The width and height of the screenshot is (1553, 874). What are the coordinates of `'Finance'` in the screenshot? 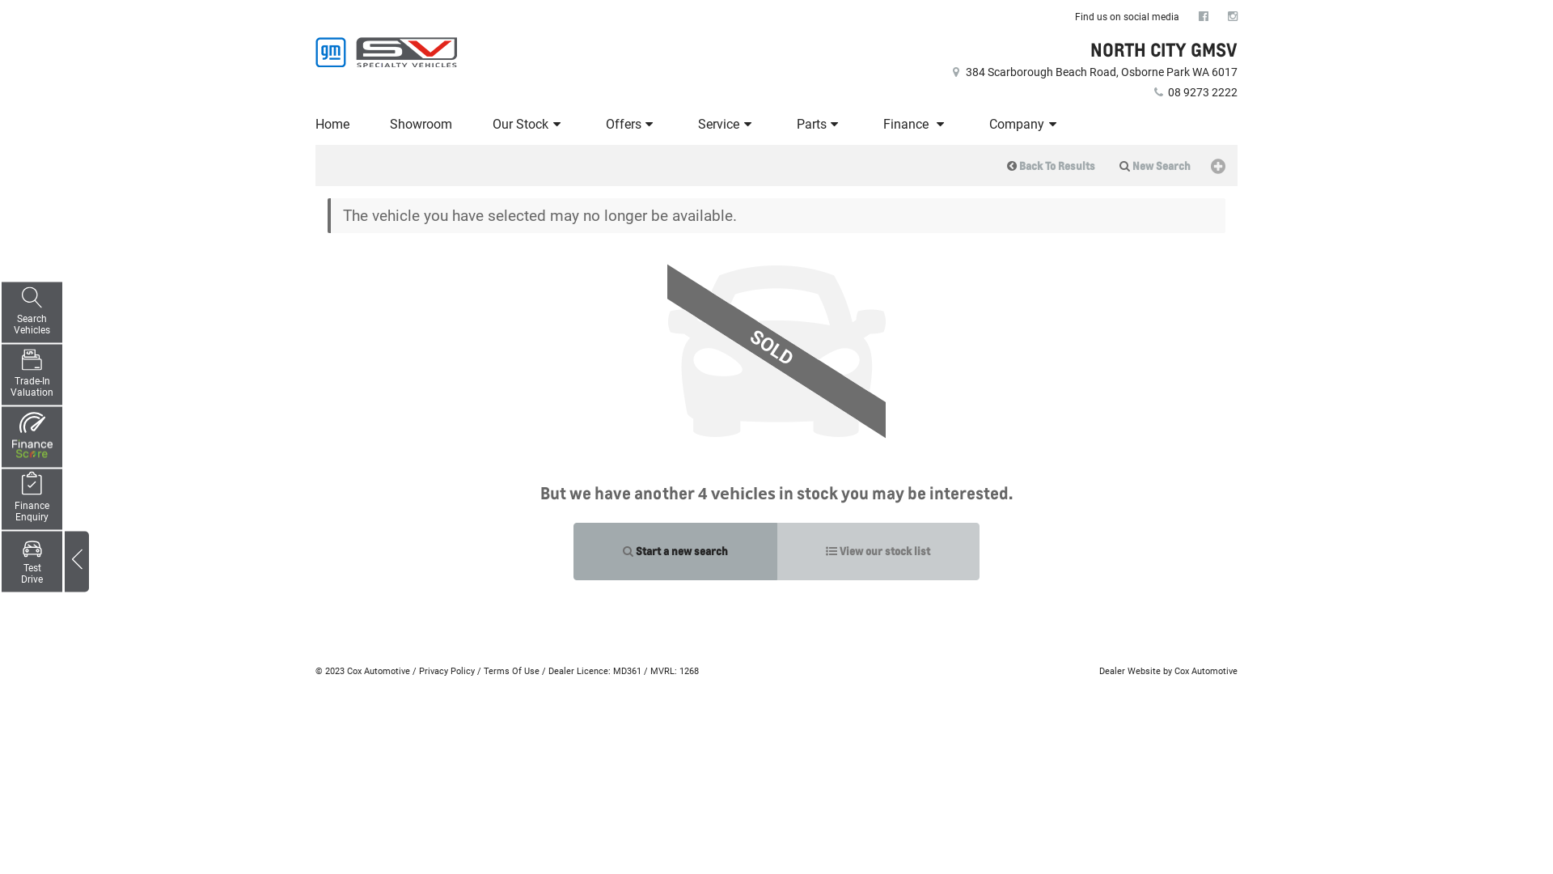 It's located at (916, 124).